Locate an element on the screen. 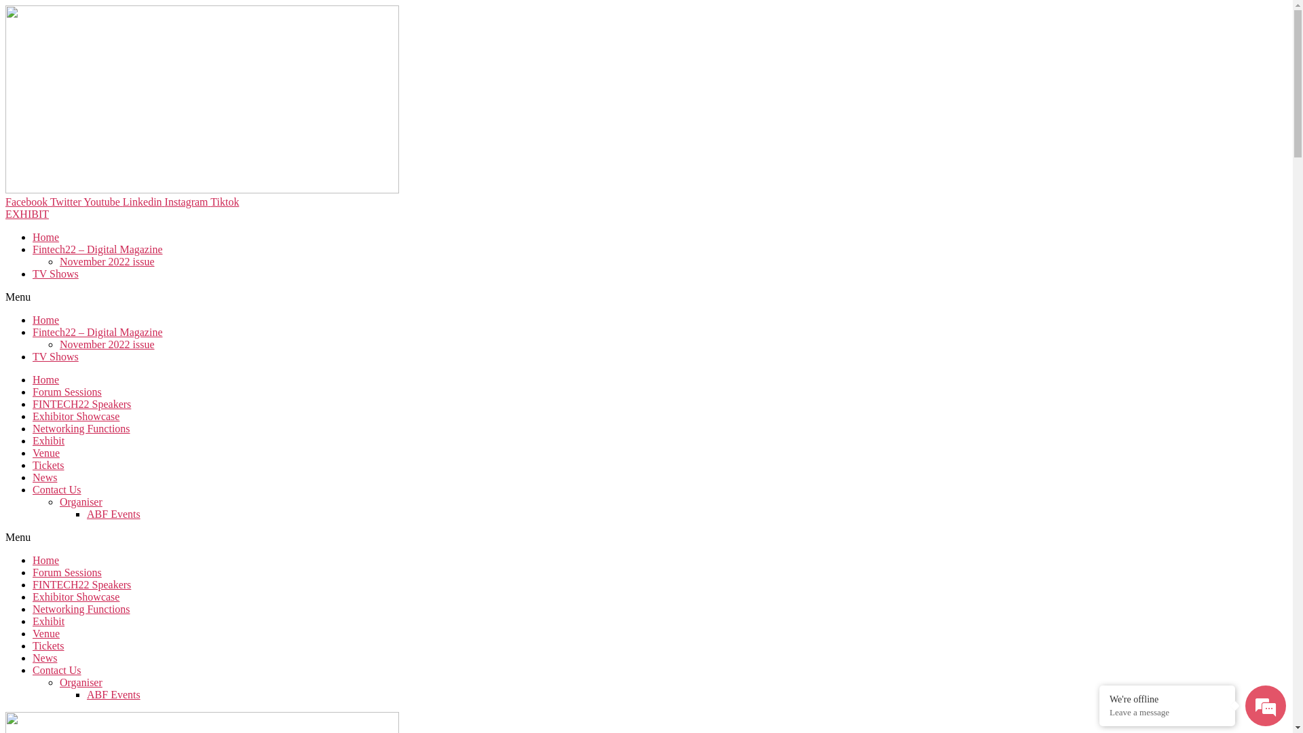 Image resolution: width=1303 pixels, height=733 pixels. 'Linkedin' is located at coordinates (143, 202).